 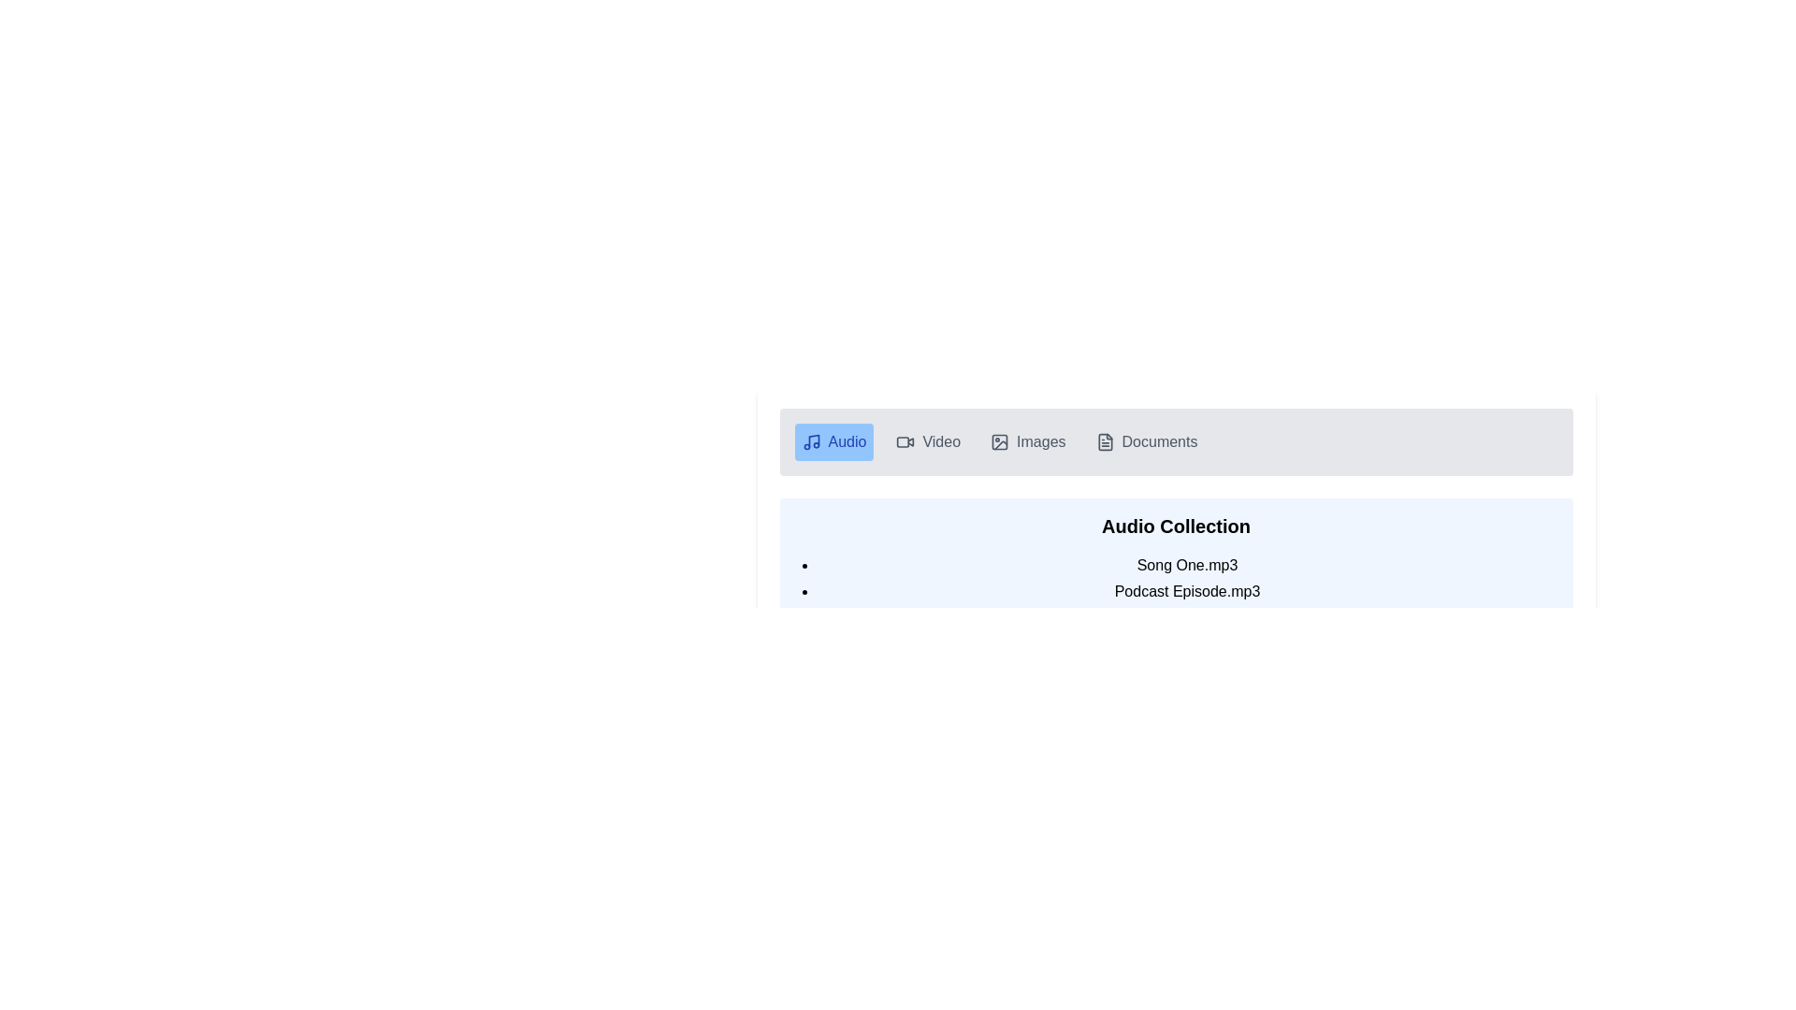 I want to click on the 'Images' label in the navigation bar to trigger a tooltip or visual feedback, so click(x=1040, y=442).